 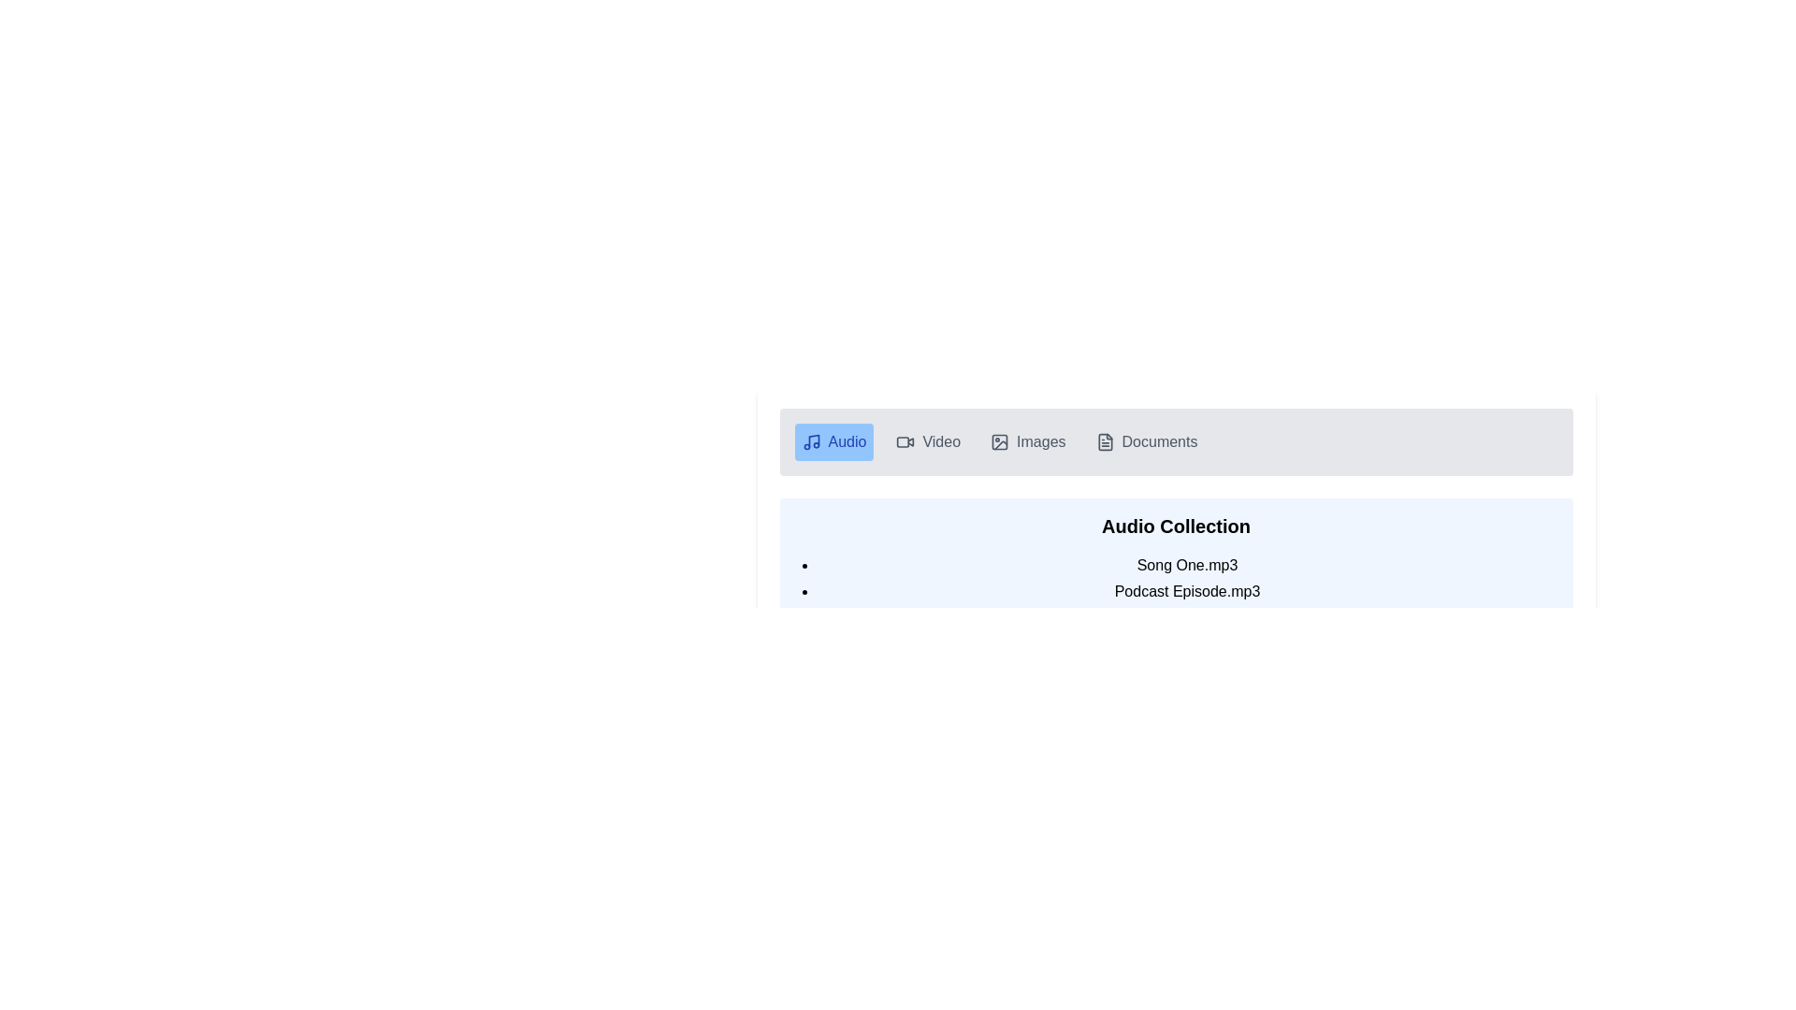 I want to click on the 'Images' label in the navigation bar to trigger a tooltip or visual feedback, so click(x=1040, y=442).